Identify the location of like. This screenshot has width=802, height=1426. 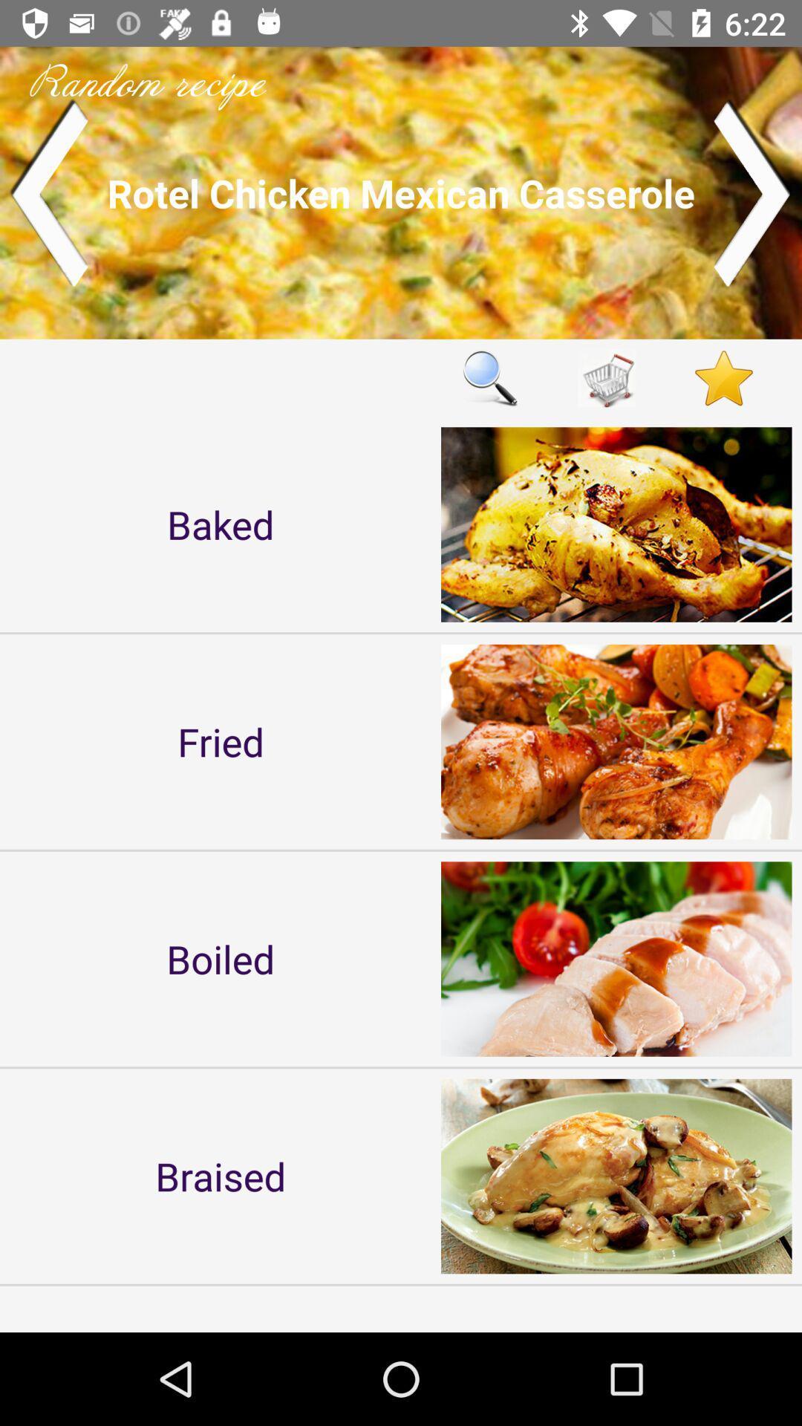
(723, 378).